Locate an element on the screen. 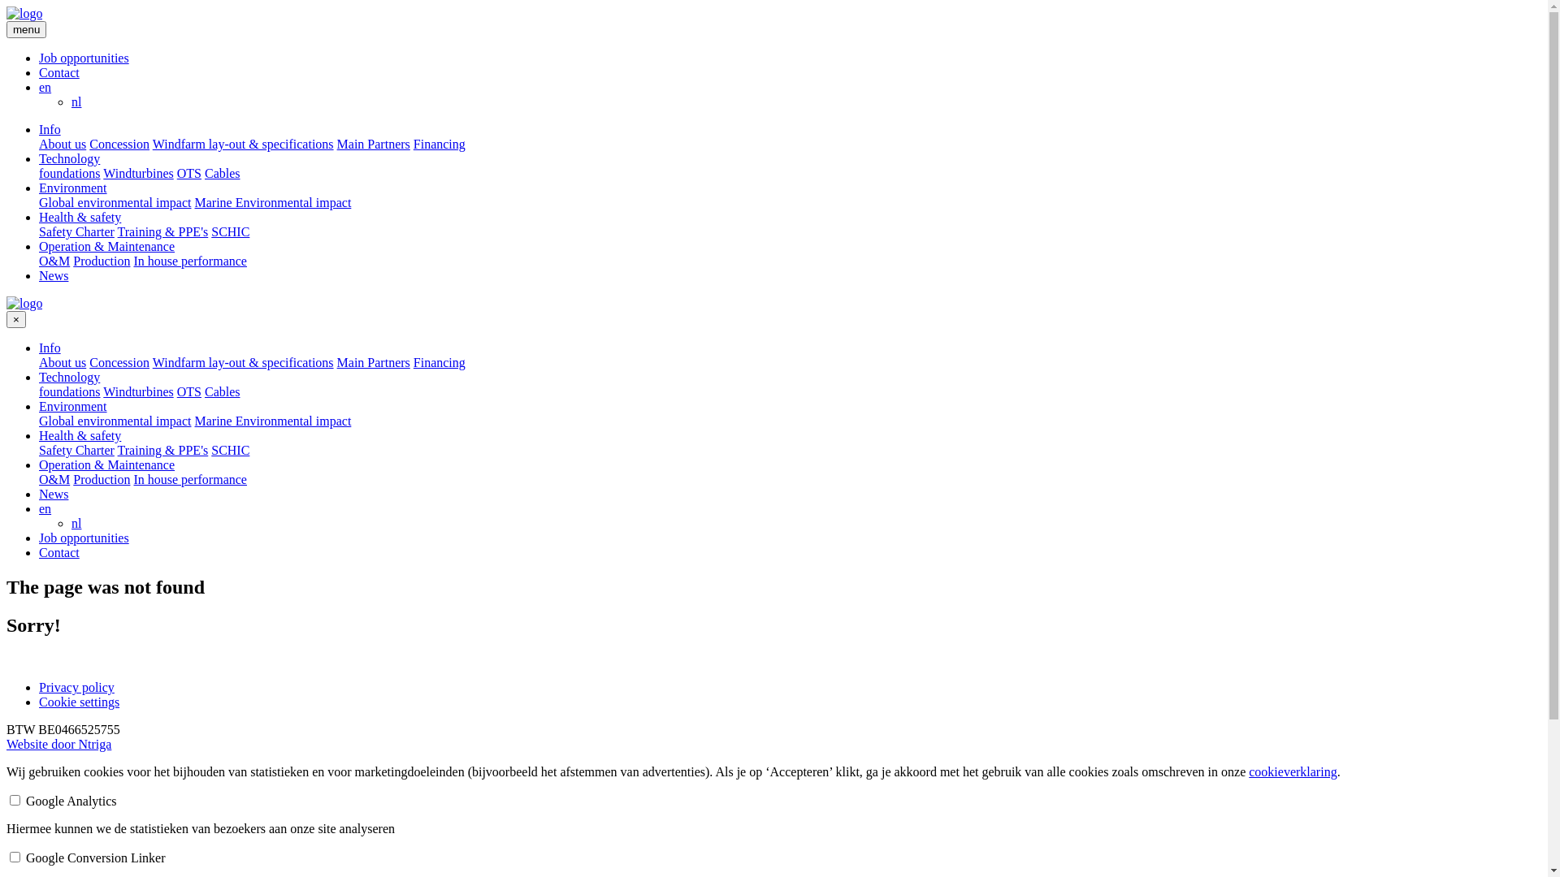  'Job opportunities' is located at coordinates (83, 538).